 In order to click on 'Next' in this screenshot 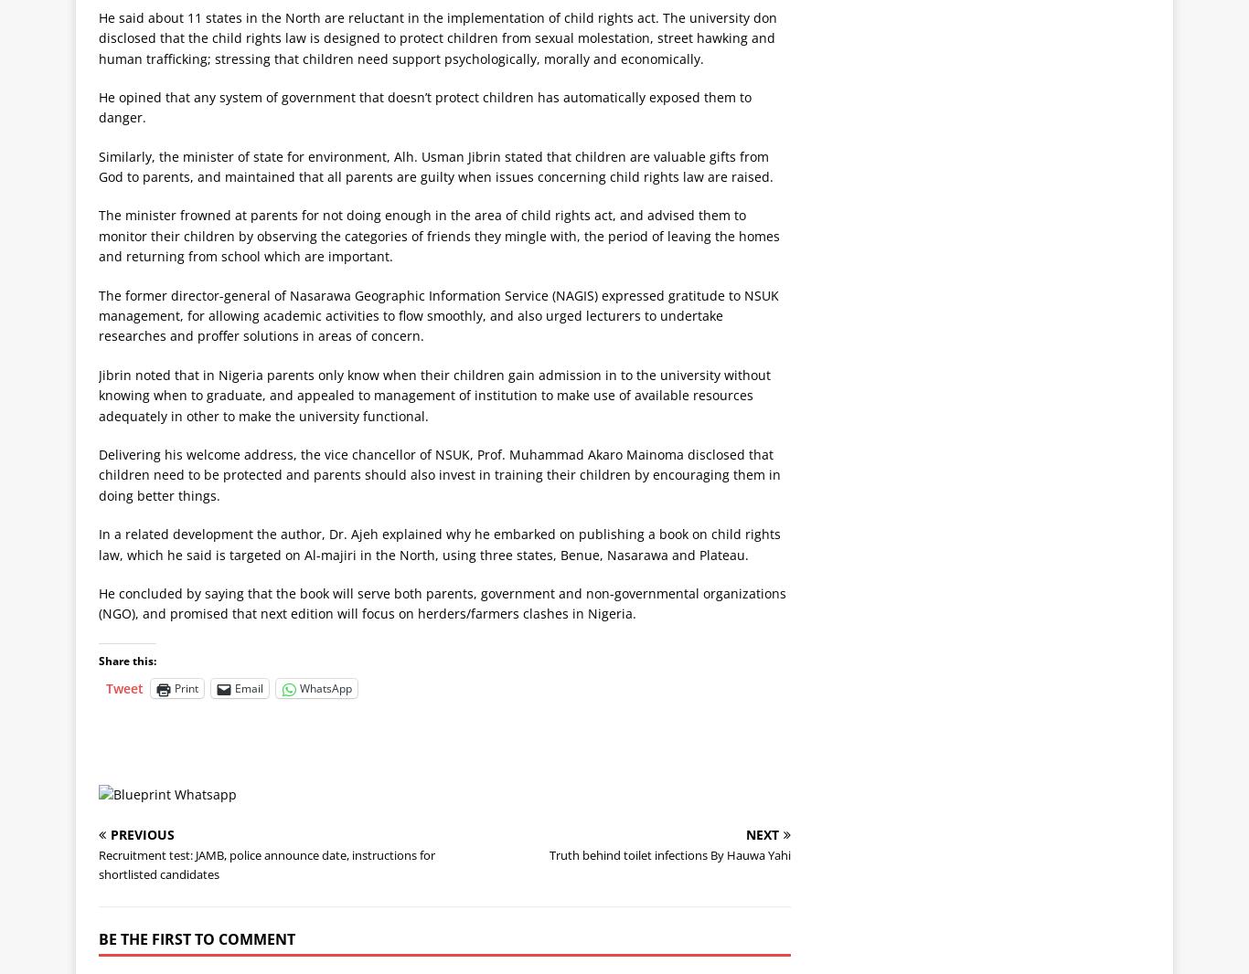, I will do `click(745, 833)`.